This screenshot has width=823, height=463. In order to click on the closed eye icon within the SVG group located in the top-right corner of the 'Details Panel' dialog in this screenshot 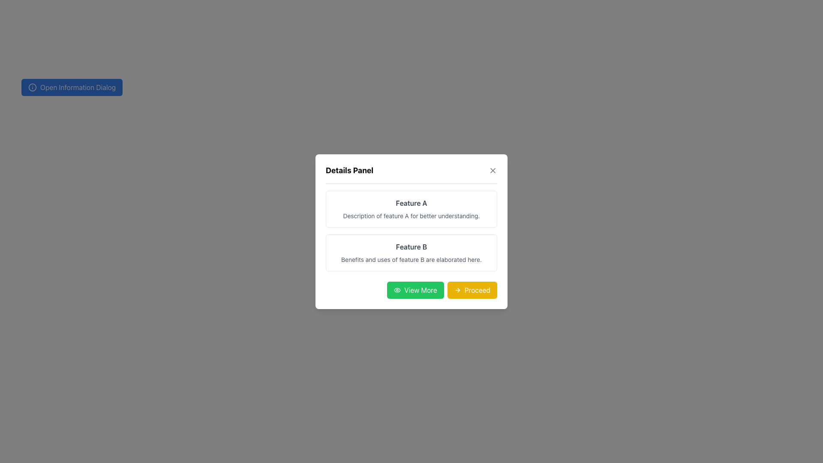, I will do `click(397, 289)`.